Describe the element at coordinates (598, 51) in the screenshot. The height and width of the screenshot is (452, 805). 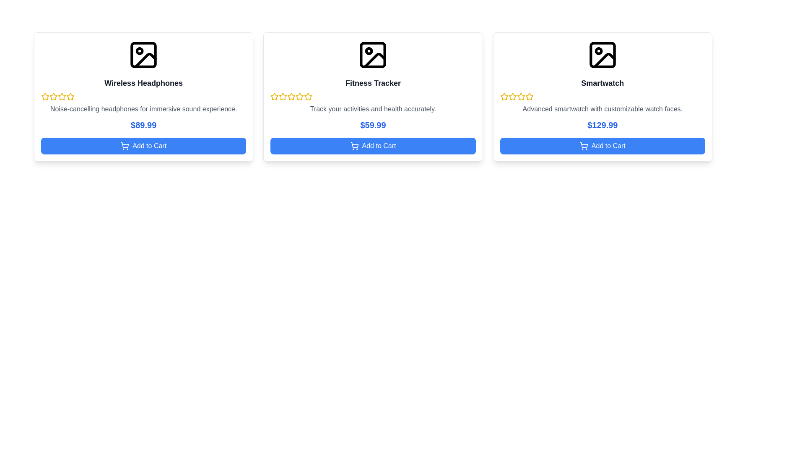
I see `the small circular Icon Decoration located in the top-left corner of the Smartwatch image icon, which is the third card from the left in the set of horizontally-aligned cards` at that location.